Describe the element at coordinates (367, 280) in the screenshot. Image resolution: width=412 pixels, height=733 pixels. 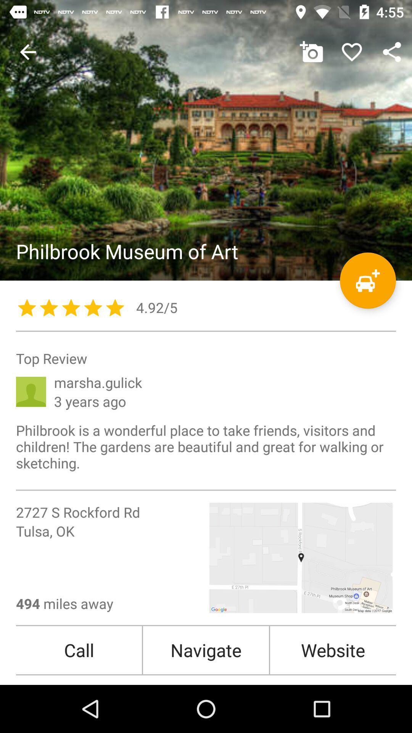
I see `get directions` at that location.